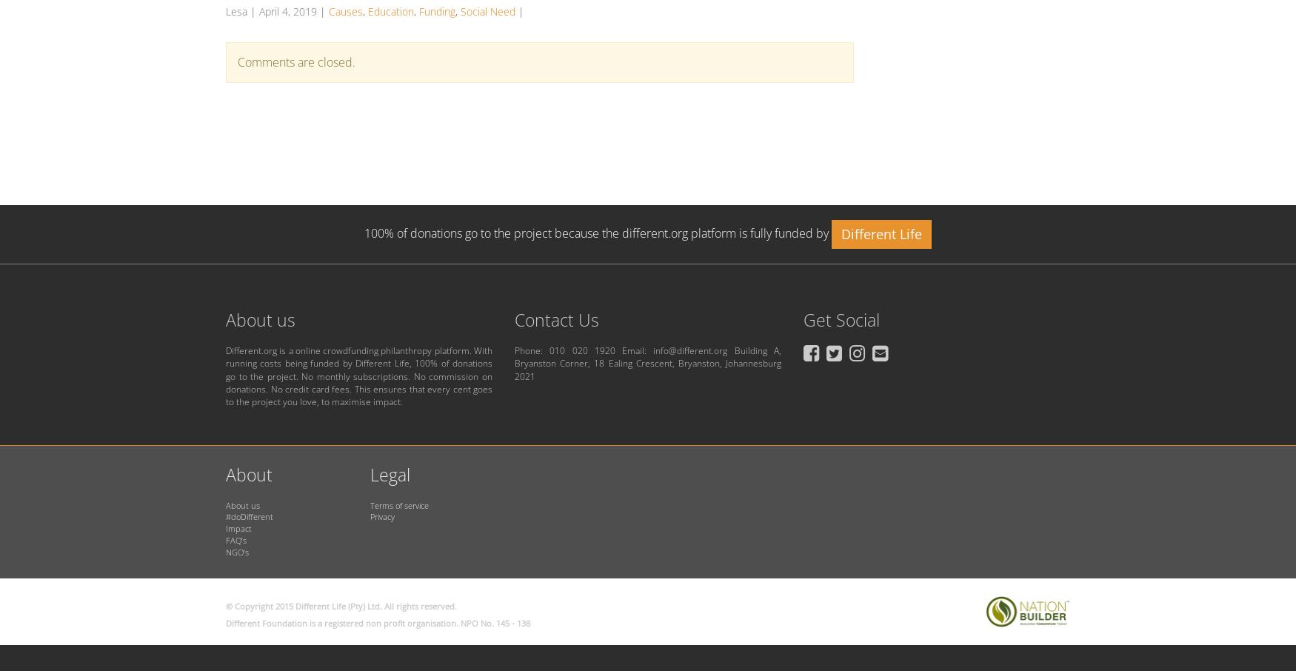 The image size is (1296, 671). I want to click on 'Privacy', so click(370, 516).